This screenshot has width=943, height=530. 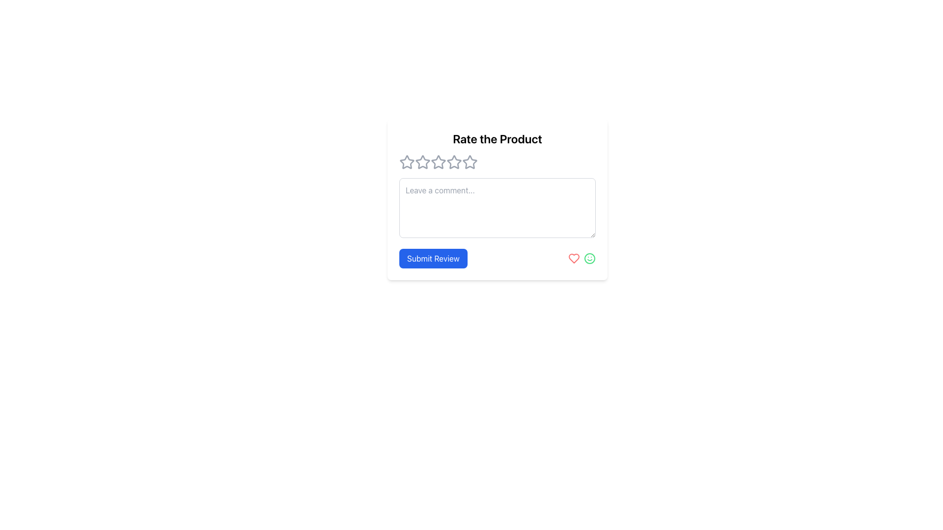 I want to click on the second star icon, which is gray and unselected, to set the rating to 2, so click(x=438, y=161).